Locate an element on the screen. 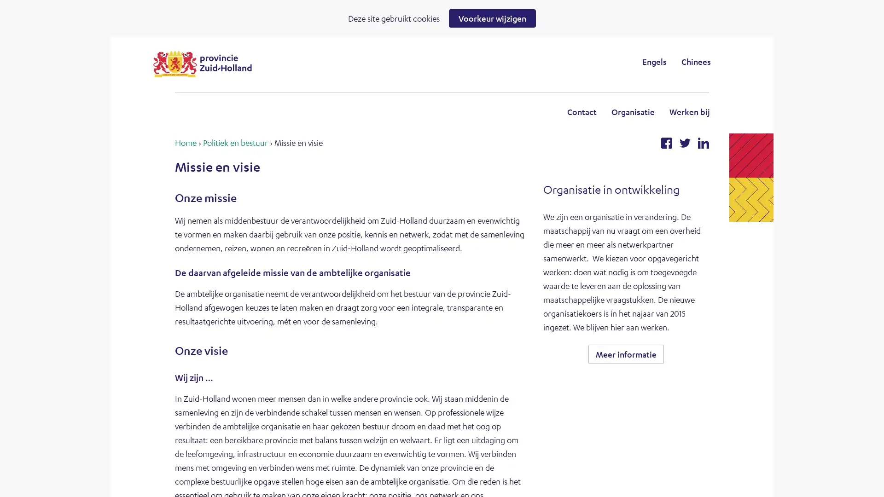  Zoeken is located at coordinates (518, 61).